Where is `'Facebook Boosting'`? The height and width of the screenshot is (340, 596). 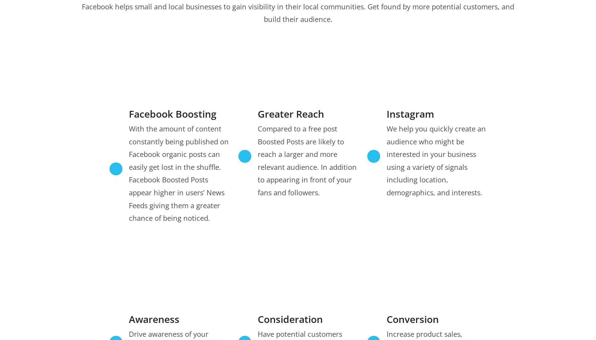 'Facebook Boosting' is located at coordinates (128, 114).